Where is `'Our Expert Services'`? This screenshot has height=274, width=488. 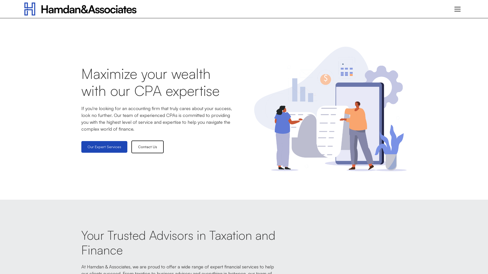
'Our Expert Services' is located at coordinates (81, 147).